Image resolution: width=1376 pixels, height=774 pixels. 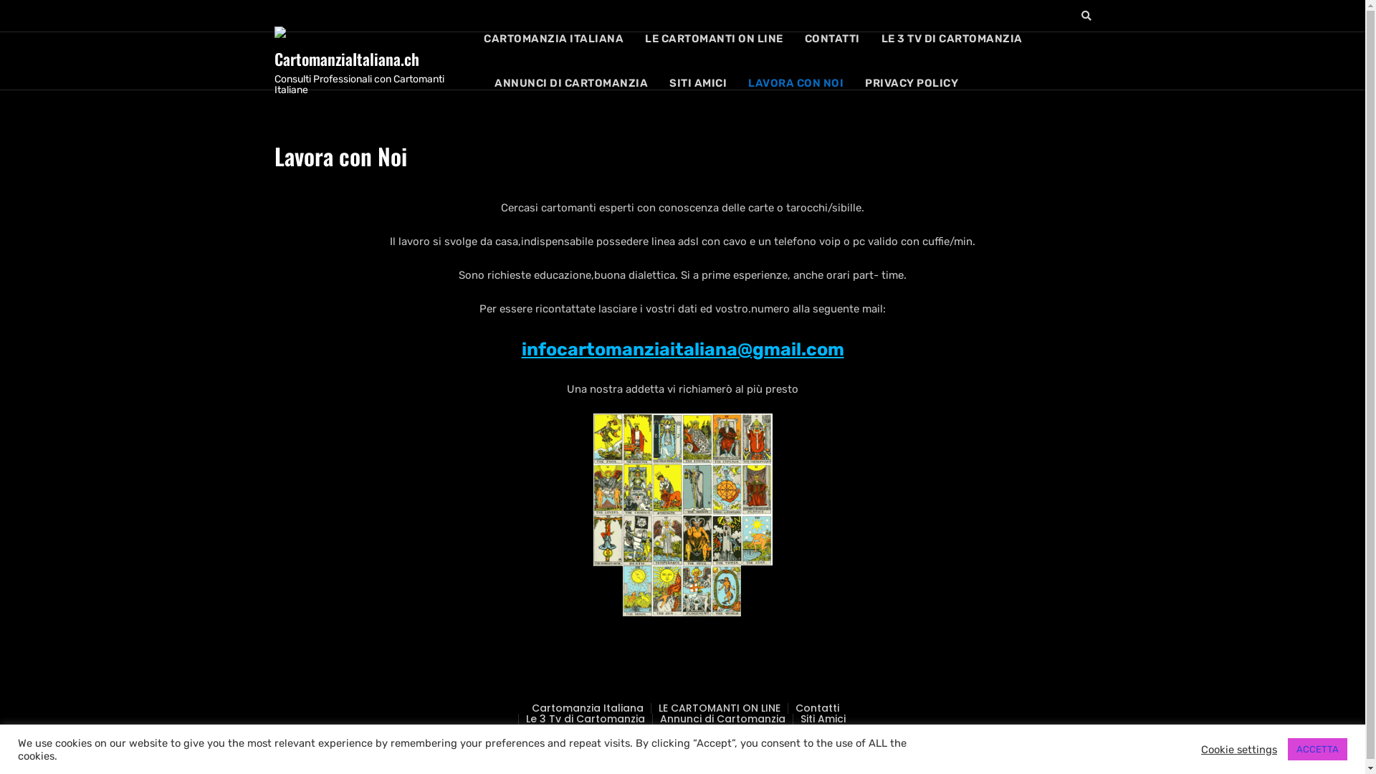 I want to click on 'LE CARTOMANTI ON LINE', so click(x=714, y=37).